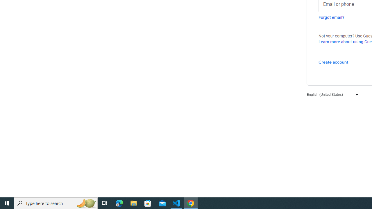 Image resolution: width=372 pixels, height=209 pixels. Describe the element at coordinates (331, 17) in the screenshot. I see `'Forgot email?'` at that location.